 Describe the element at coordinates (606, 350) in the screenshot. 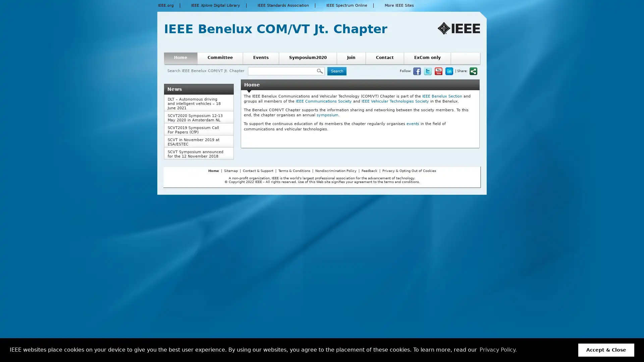

I see `dismiss cookie message` at that location.